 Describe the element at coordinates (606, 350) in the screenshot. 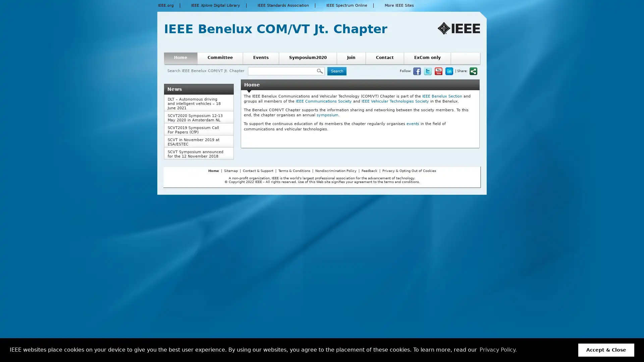

I see `dismiss cookie message` at that location.